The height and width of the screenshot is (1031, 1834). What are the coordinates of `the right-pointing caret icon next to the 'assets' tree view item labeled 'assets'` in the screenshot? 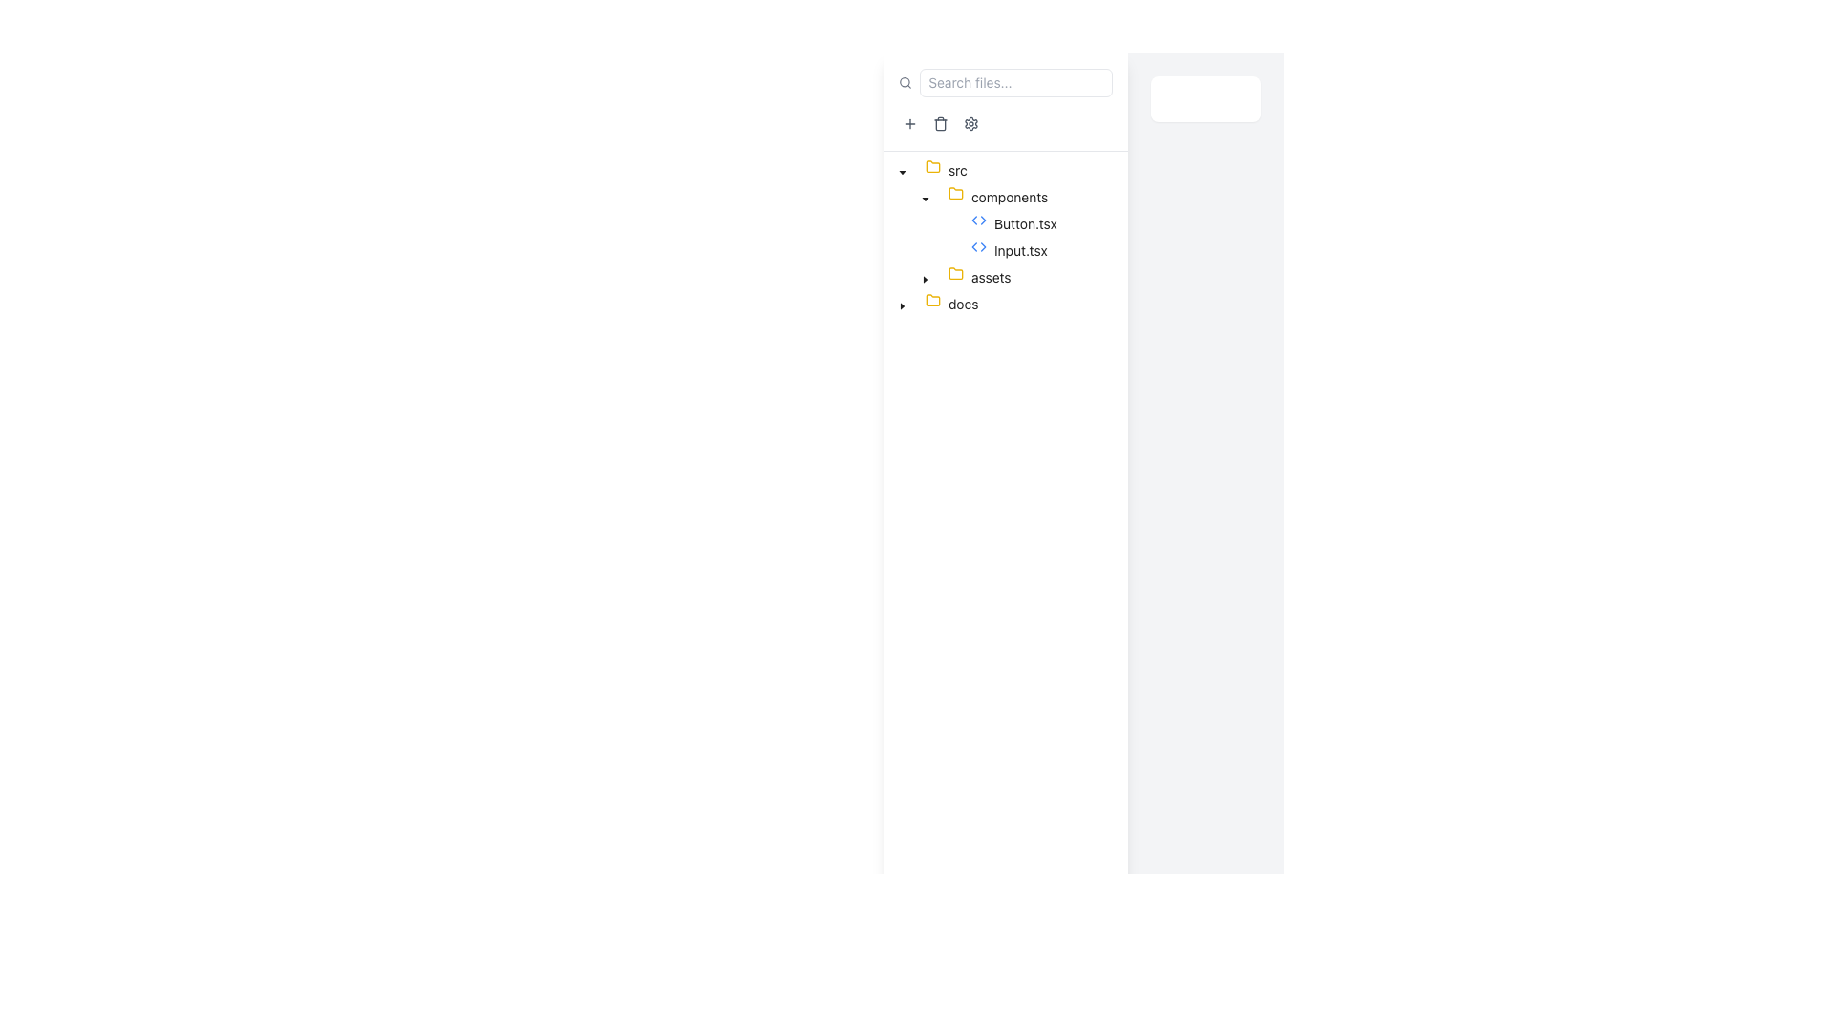 It's located at (954, 277).